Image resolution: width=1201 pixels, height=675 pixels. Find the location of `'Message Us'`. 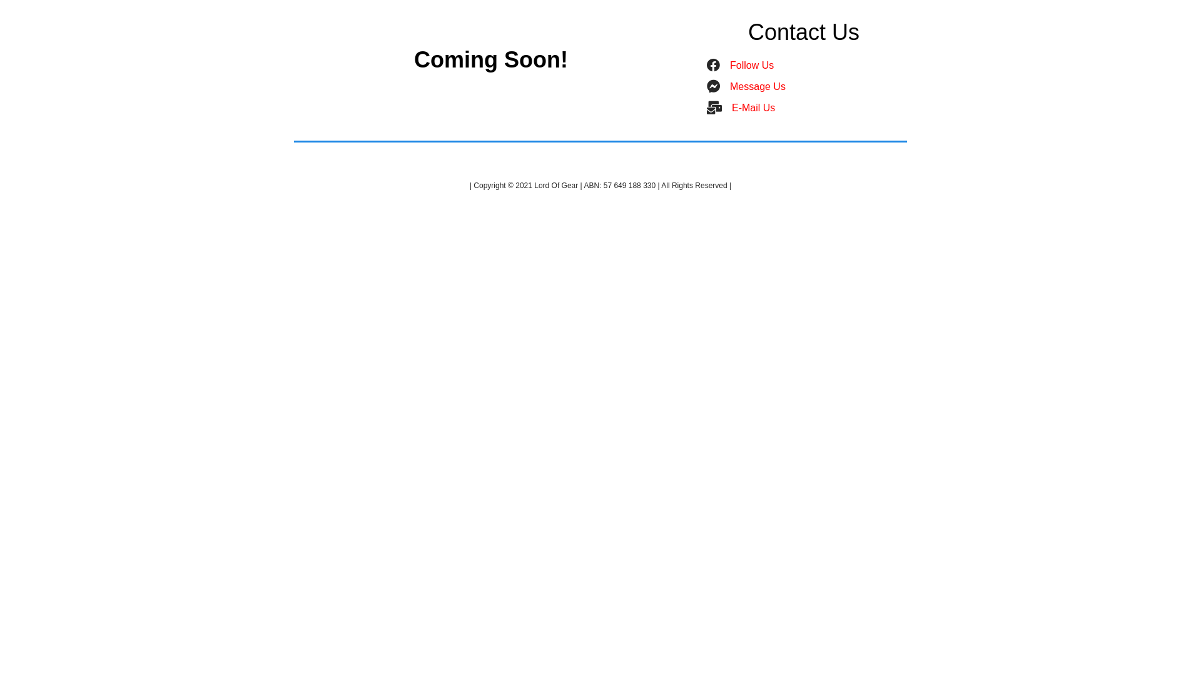

'Message Us' is located at coordinates (757, 86).